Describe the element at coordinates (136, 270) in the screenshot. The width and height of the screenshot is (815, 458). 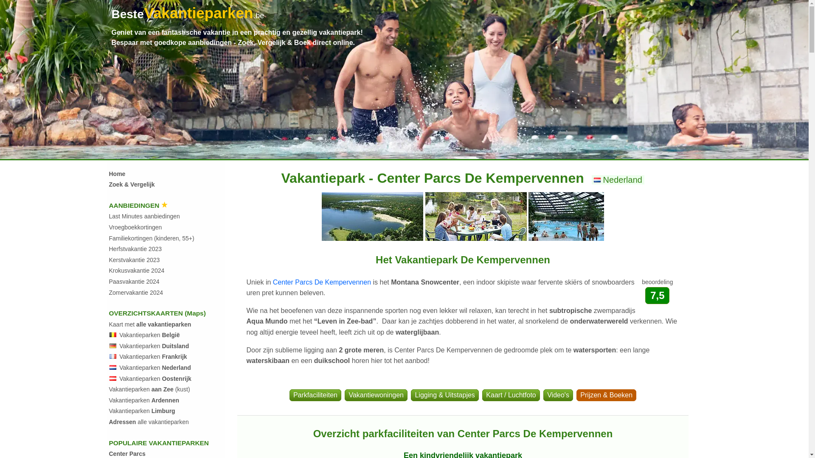
I see `'Krokusvakantie 2024'` at that location.